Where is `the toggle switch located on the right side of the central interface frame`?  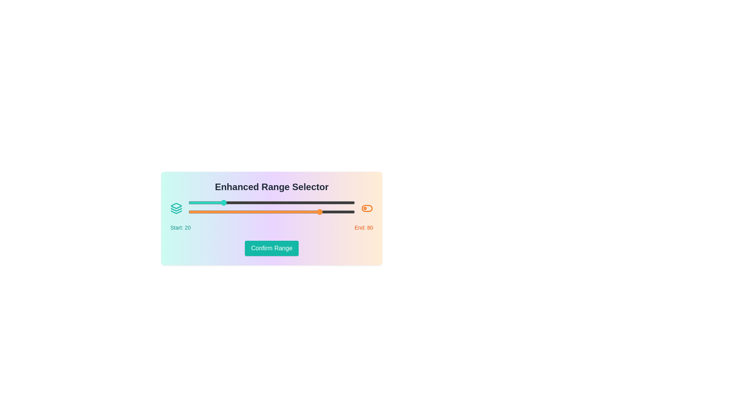
the toggle switch located on the right side of the central interface frame is located at coordinates (367, 208).